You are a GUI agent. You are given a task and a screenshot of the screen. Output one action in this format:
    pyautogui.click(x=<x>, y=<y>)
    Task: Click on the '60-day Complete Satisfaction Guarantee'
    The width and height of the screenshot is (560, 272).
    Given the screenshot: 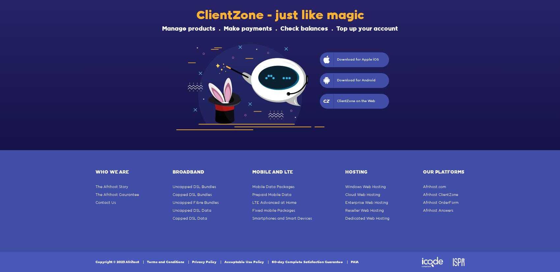 What is the action you would take?
    pyautogui.click(x=271, y=262)
    